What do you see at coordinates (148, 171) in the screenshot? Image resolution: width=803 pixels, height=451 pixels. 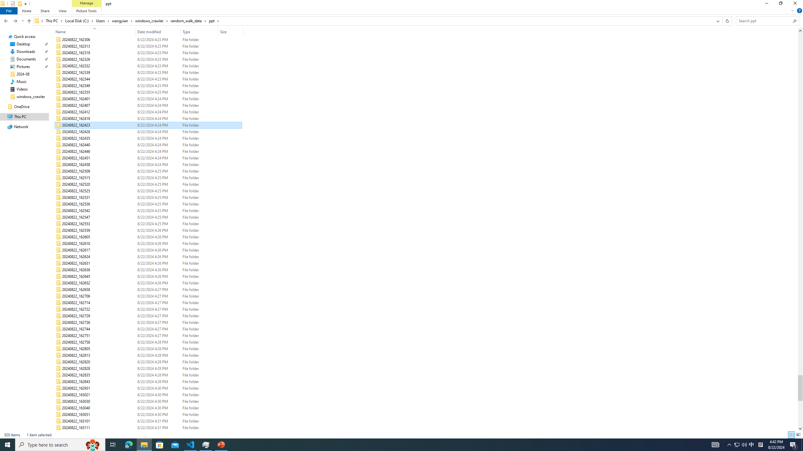 I see `'20240822_162509'` at bounding box center [148, 171].